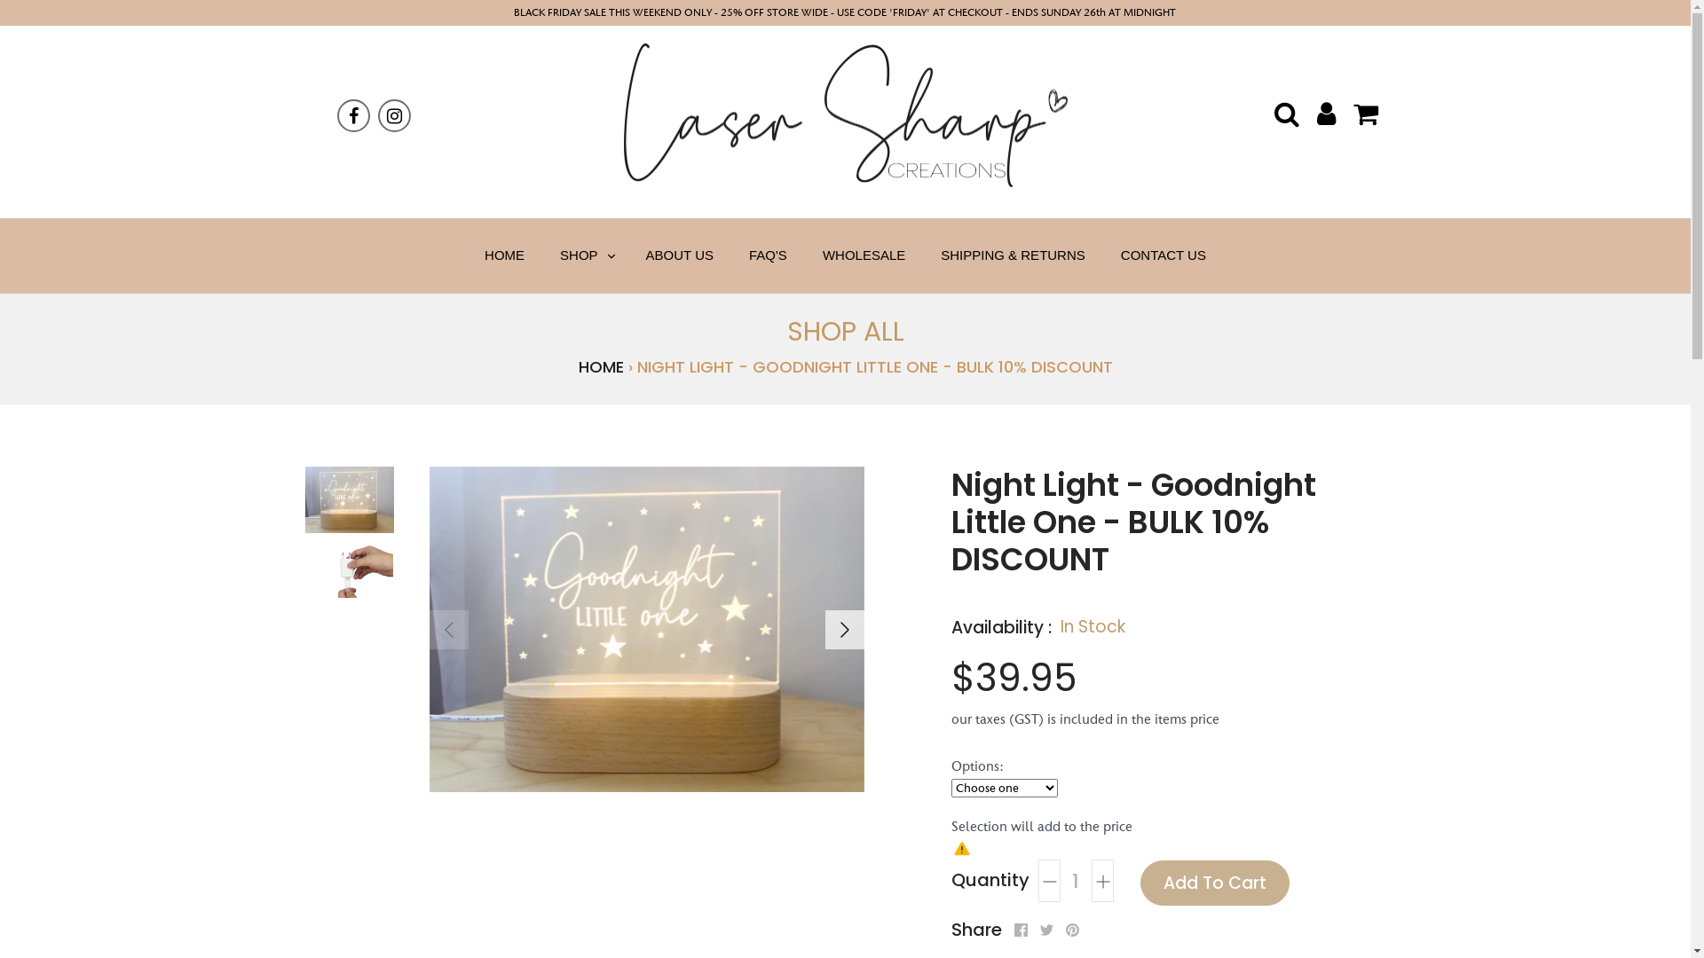 This screenshot has width=1704, height=958. I want to click on 'Add to Cart', so click(1213, 883).